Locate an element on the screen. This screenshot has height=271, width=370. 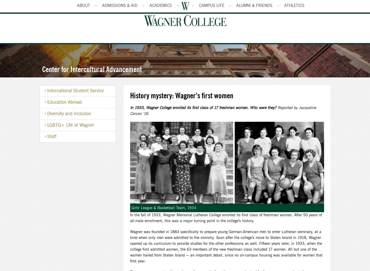
'History mystery: Wagner’s first women' is located at coordinates (181, 96).